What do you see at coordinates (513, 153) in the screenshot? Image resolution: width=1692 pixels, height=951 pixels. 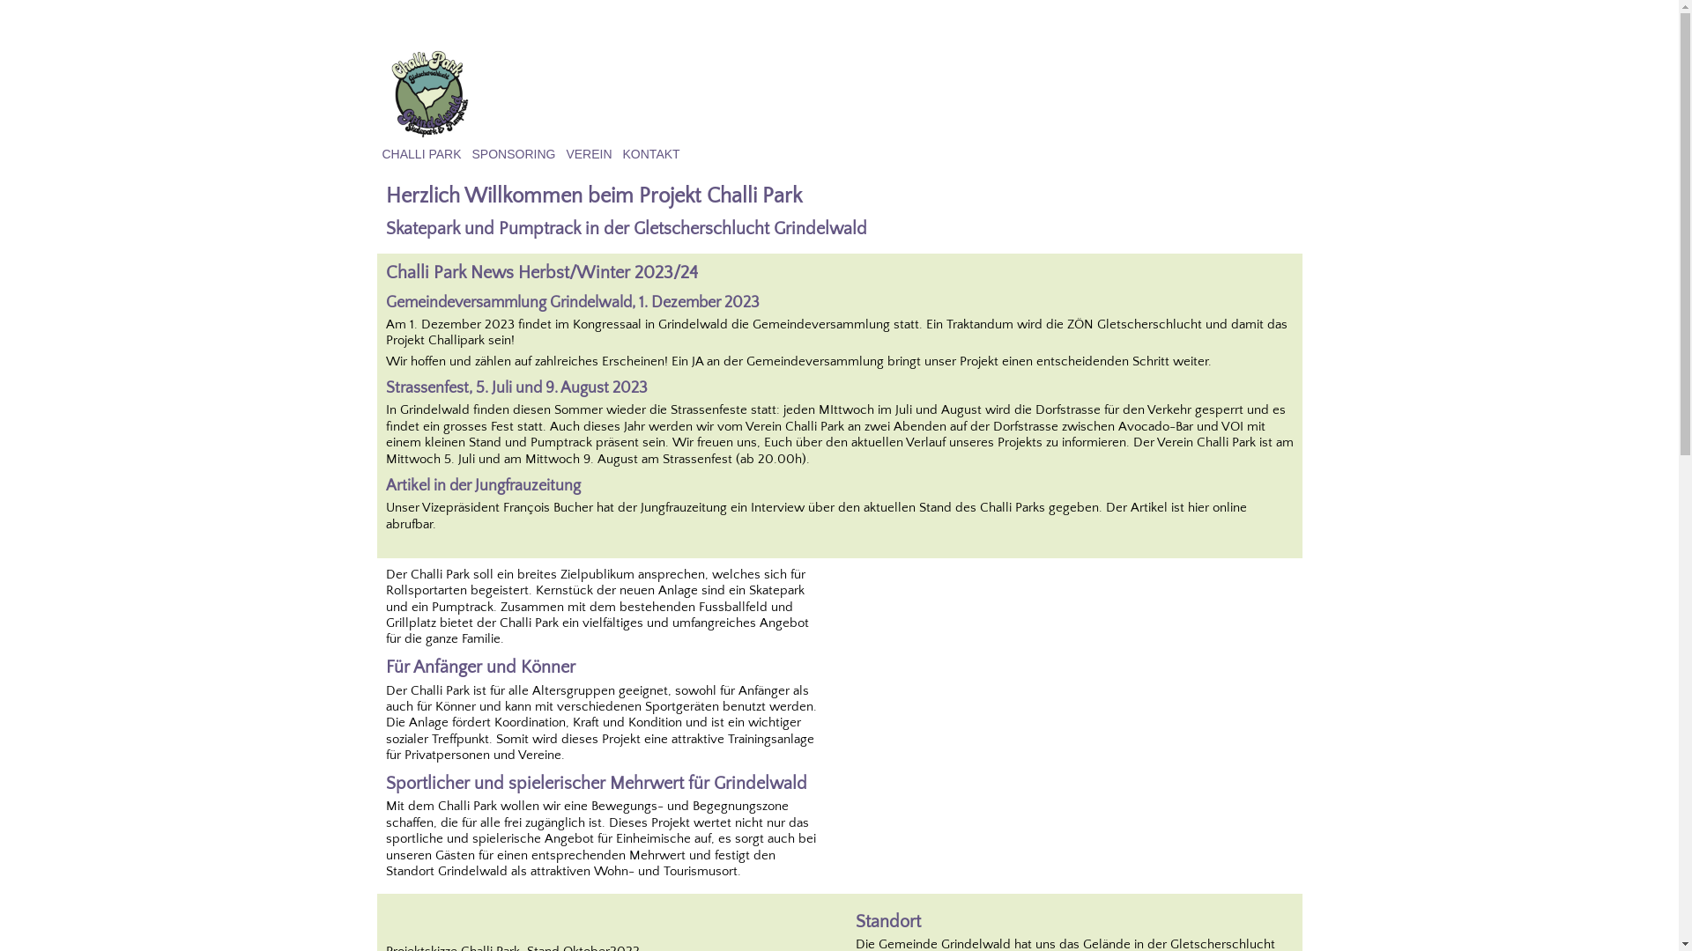 I see `'SPONSORING'` at bounding box center [513, 153].